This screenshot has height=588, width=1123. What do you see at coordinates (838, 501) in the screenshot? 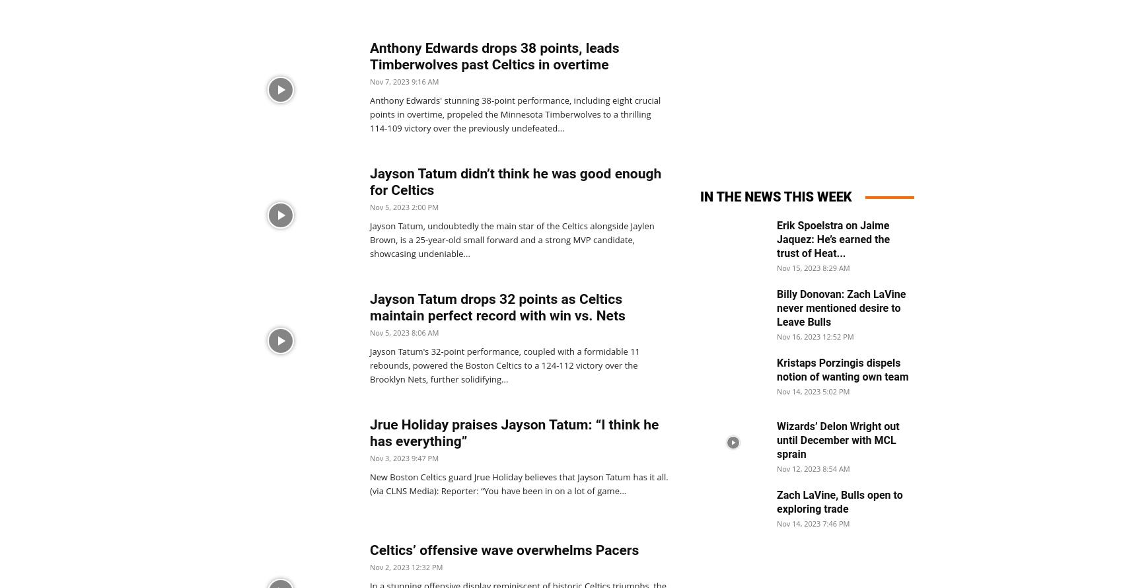
I see `'Zach LaVine, Bulls open to exploring trade'` at bounding box center [838, 501].